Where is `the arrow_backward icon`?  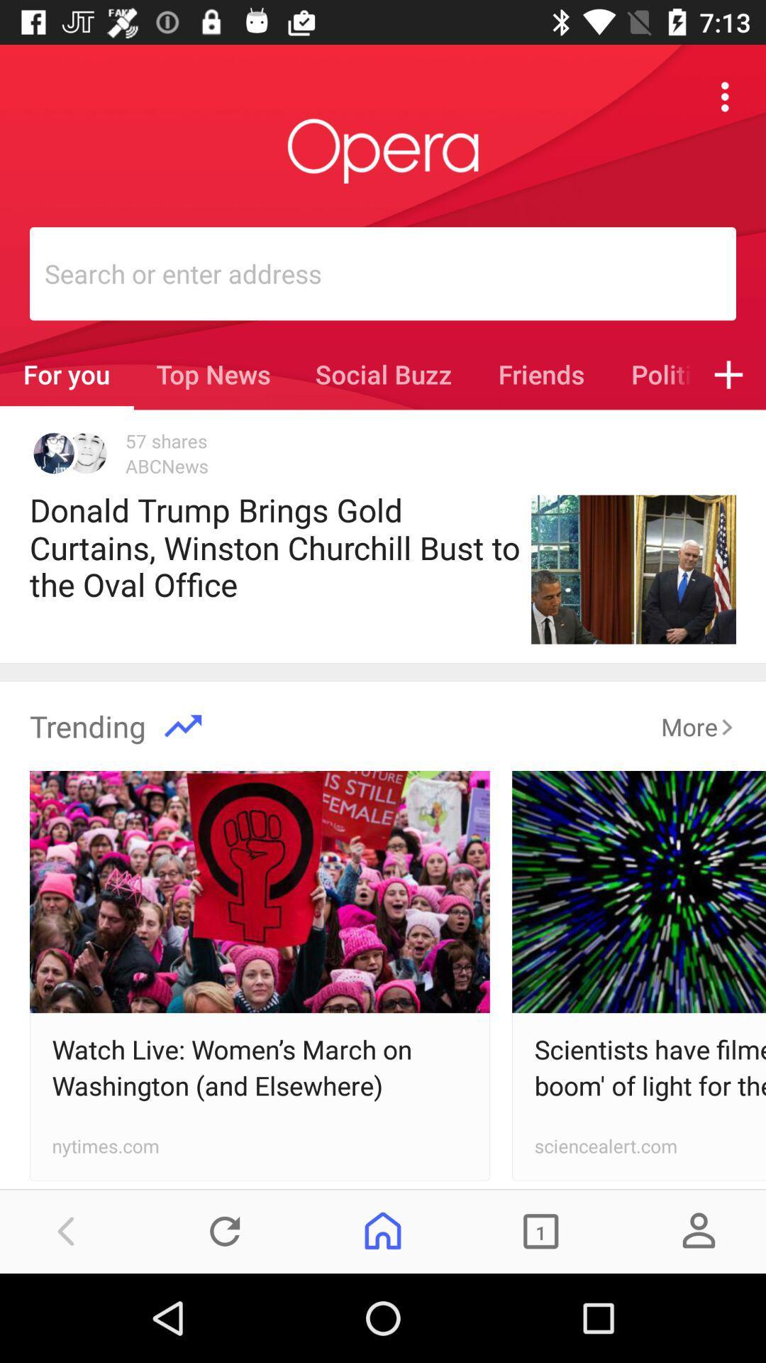
the arrow_backward icon is located at coordinates (67, 1230).